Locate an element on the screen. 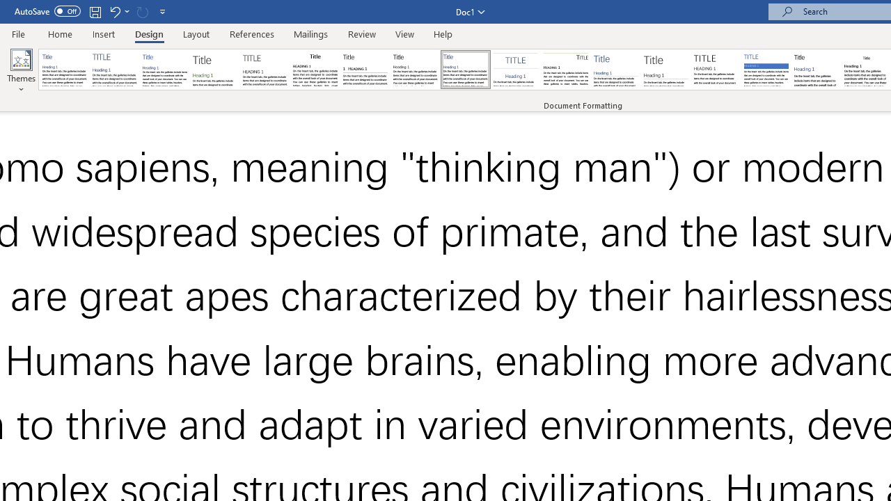 The image size is (891, 501). 'Insert' is located at coordinates (103, 33).